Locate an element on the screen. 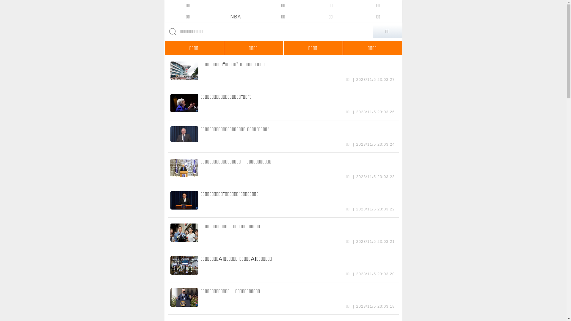  'NBA' is located at coordinates (235, 17).